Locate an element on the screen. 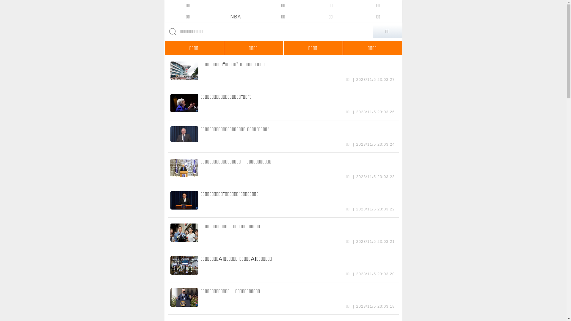  'NBA' is located at coordinates (235, 17).